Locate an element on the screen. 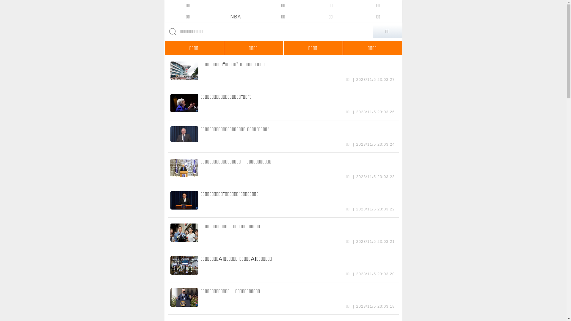  'NBA' is located at coordinates (235, 17).